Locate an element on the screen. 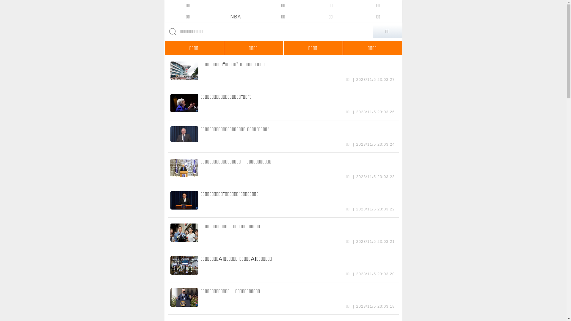  'NBA' is located at coordinates (235, 17).